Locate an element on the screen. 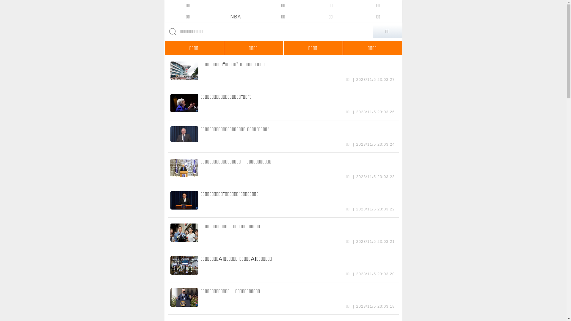  'NBA' is located at coordinates (235, 17).